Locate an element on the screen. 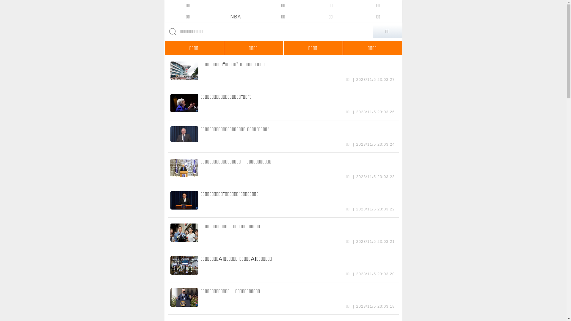  'NBA' is located at coordinates (235, 17).